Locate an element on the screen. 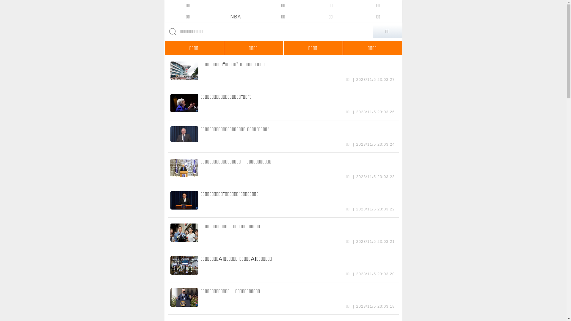  'NBA' is located at coordinates (235, 17).